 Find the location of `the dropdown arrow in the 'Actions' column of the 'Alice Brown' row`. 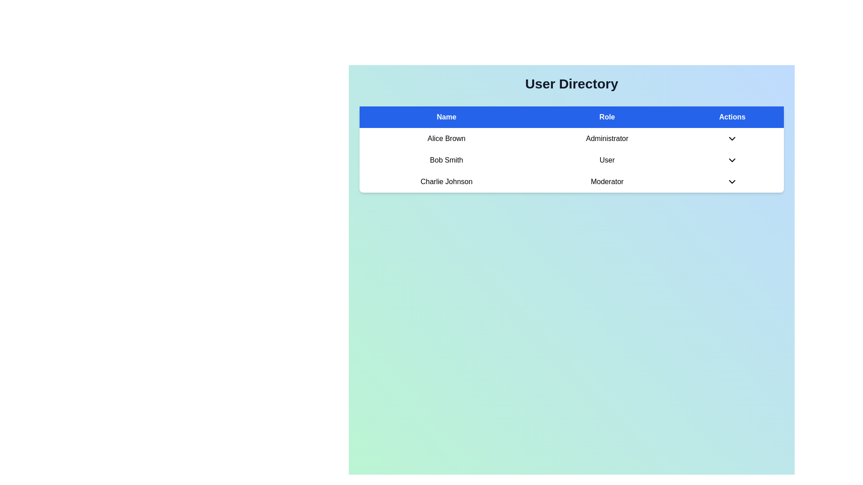

the dropdown arrow in the 'Actions' column of the 'Alice Brown' row is located at coordinates (732, 138).